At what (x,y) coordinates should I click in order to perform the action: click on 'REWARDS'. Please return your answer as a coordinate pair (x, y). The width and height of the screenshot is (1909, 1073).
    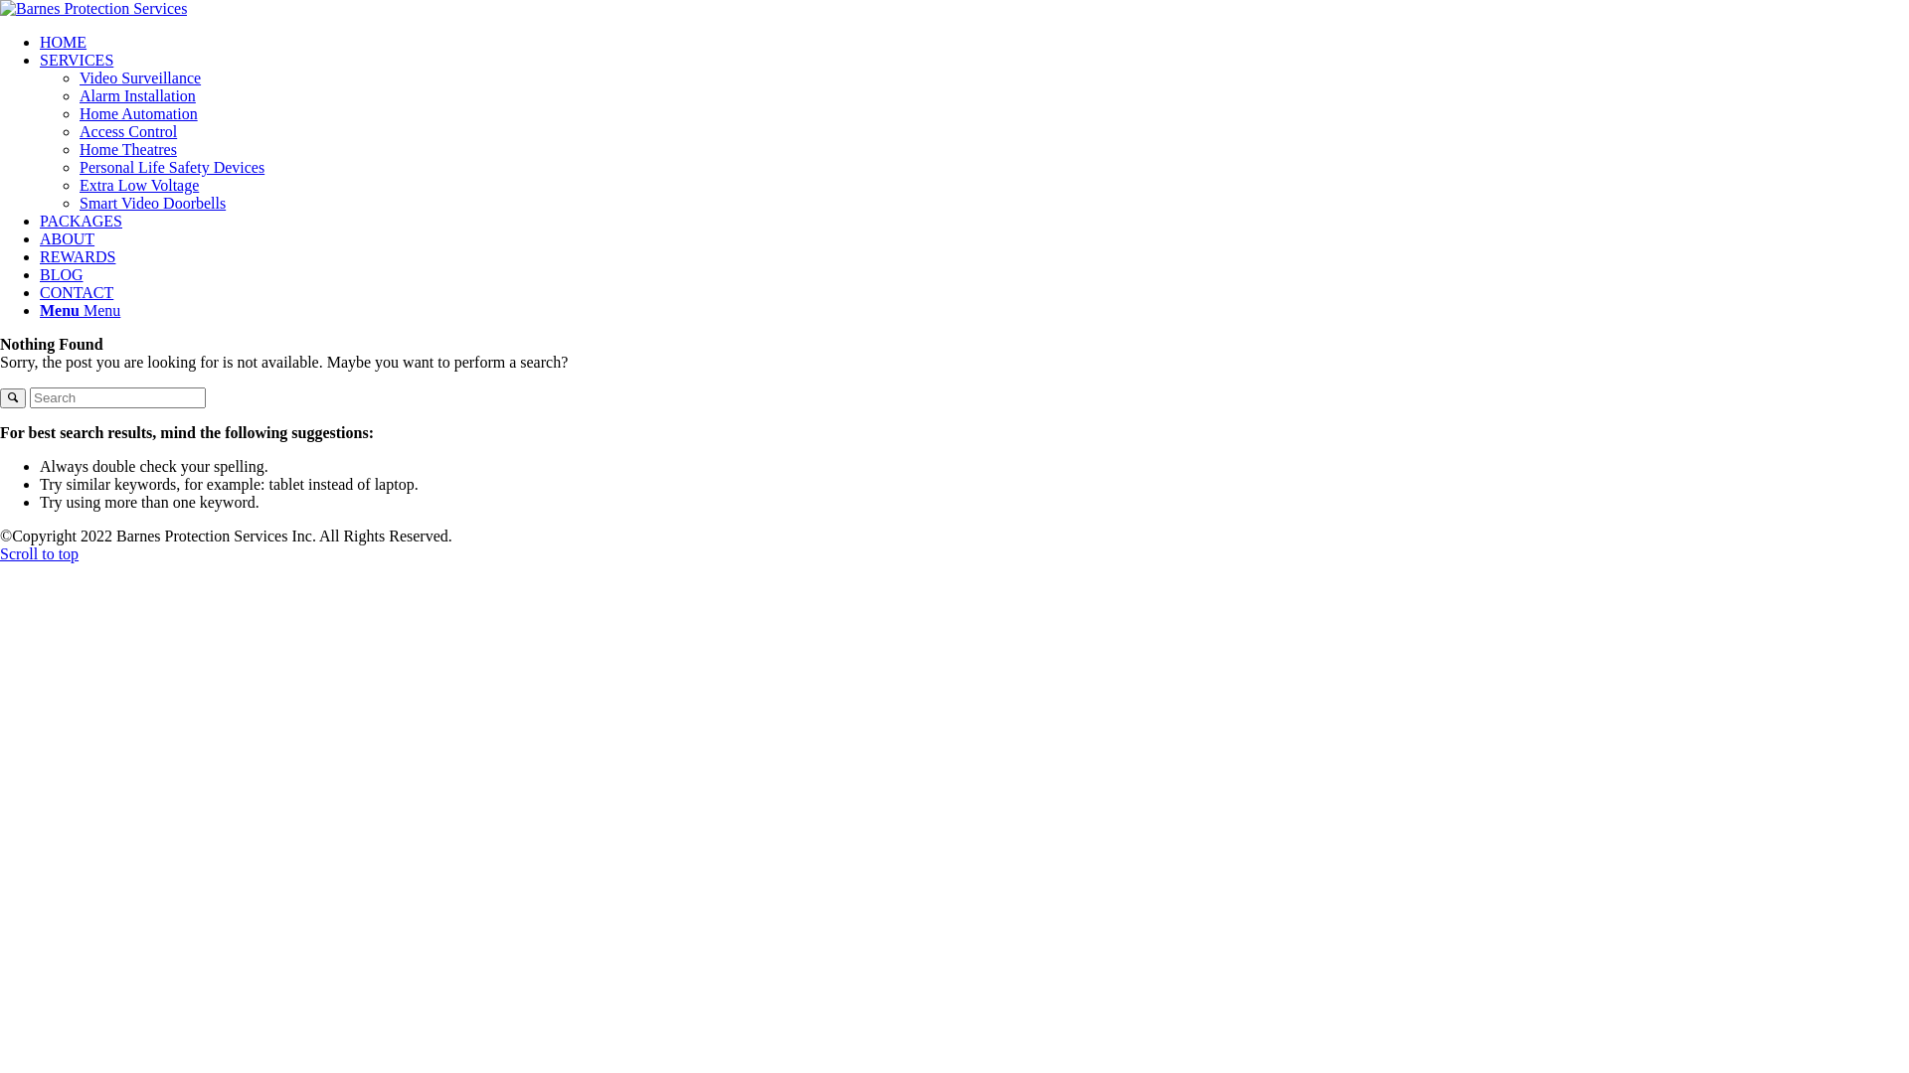
    Looking at the image, I should click on (77, 255).